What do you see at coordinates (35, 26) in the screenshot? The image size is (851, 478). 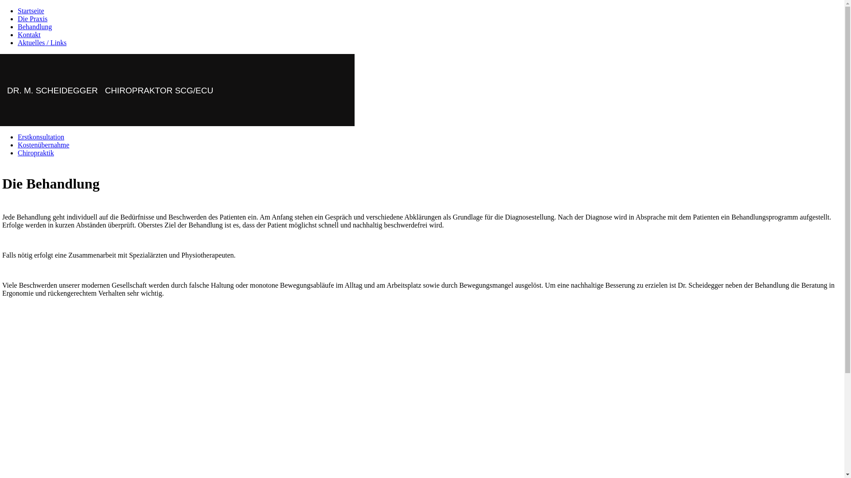 I see `'Behandlung'` at bounding box center [35, 26].